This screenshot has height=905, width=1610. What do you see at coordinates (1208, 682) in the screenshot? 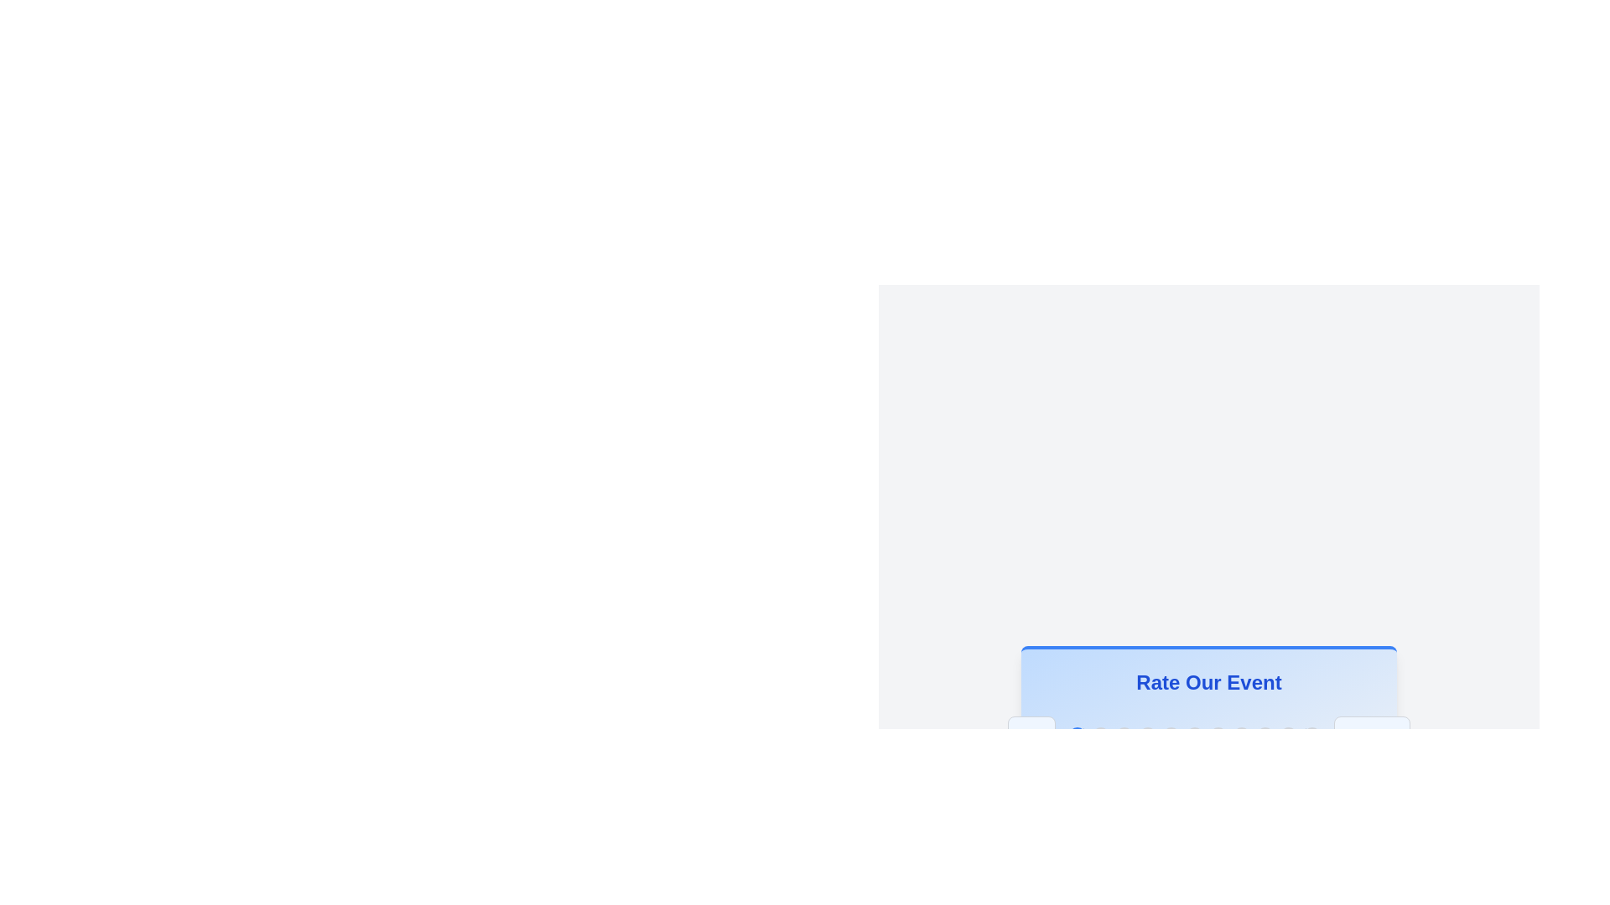
I see `the text heading 'Rate Our Event' styled in bold, large blue font located at the top of the rating card UI block` at bounding box center [1208, 682].